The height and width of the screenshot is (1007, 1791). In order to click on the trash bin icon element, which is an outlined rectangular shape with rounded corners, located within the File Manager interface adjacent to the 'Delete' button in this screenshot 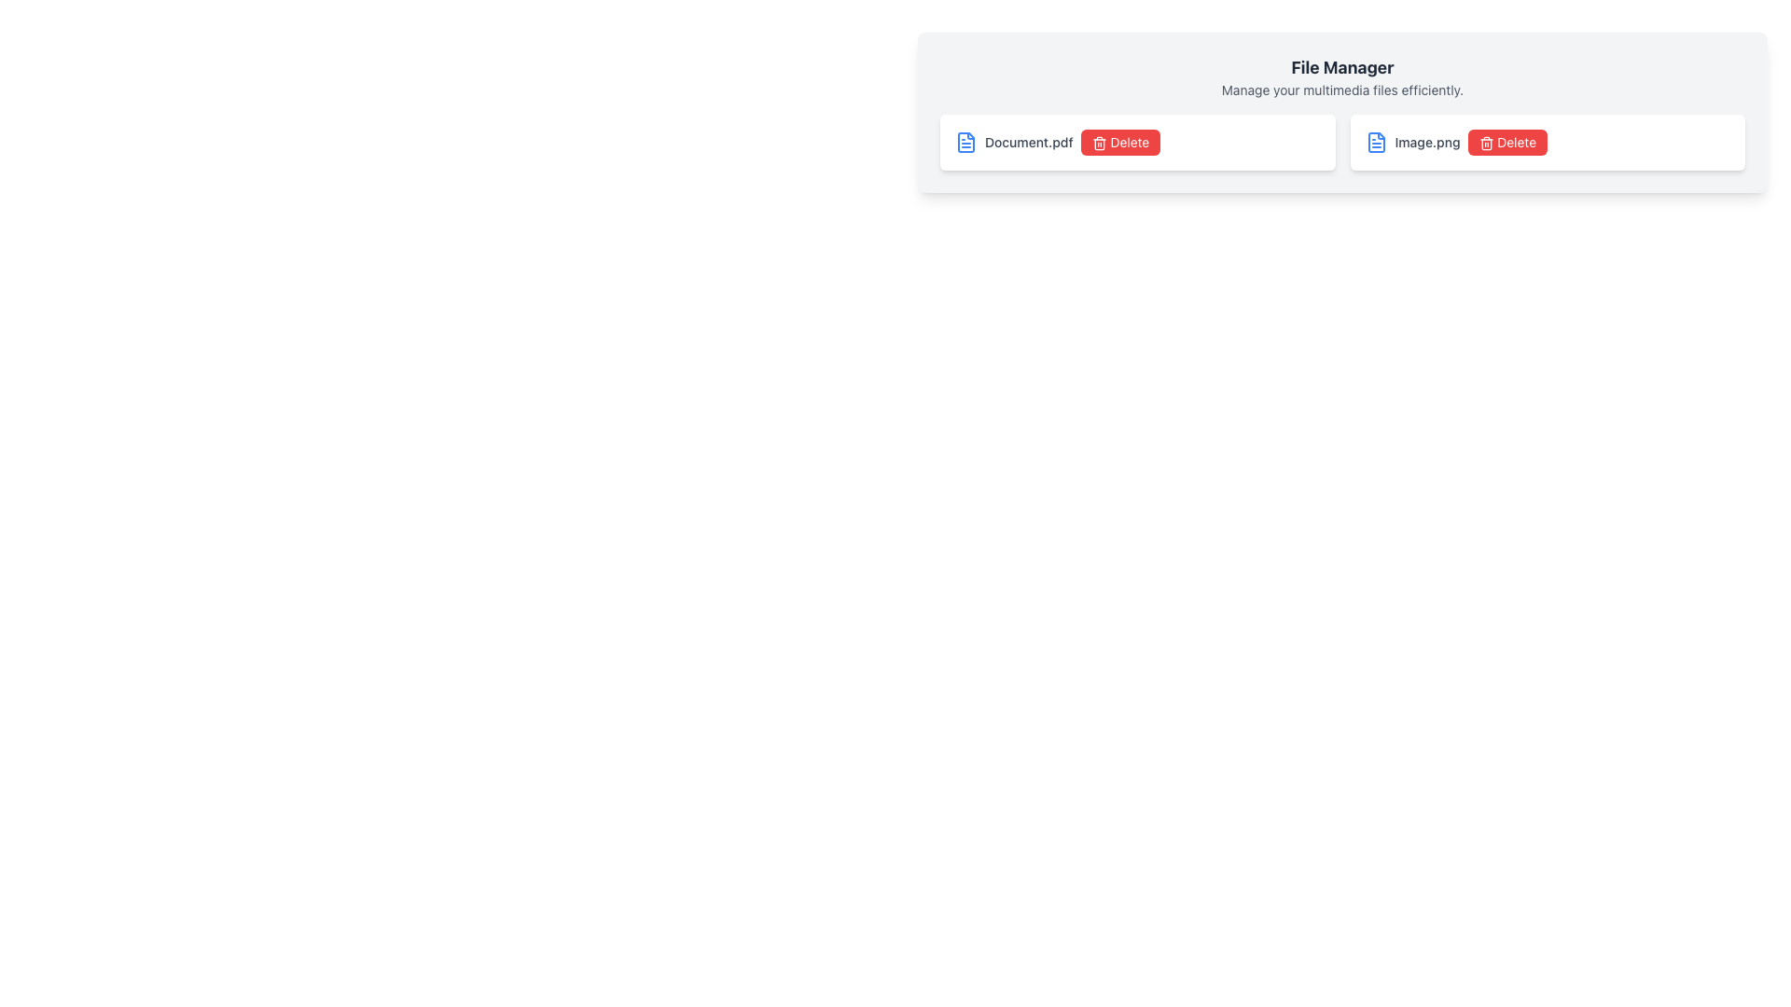, I will do `click(1485, 144)`.